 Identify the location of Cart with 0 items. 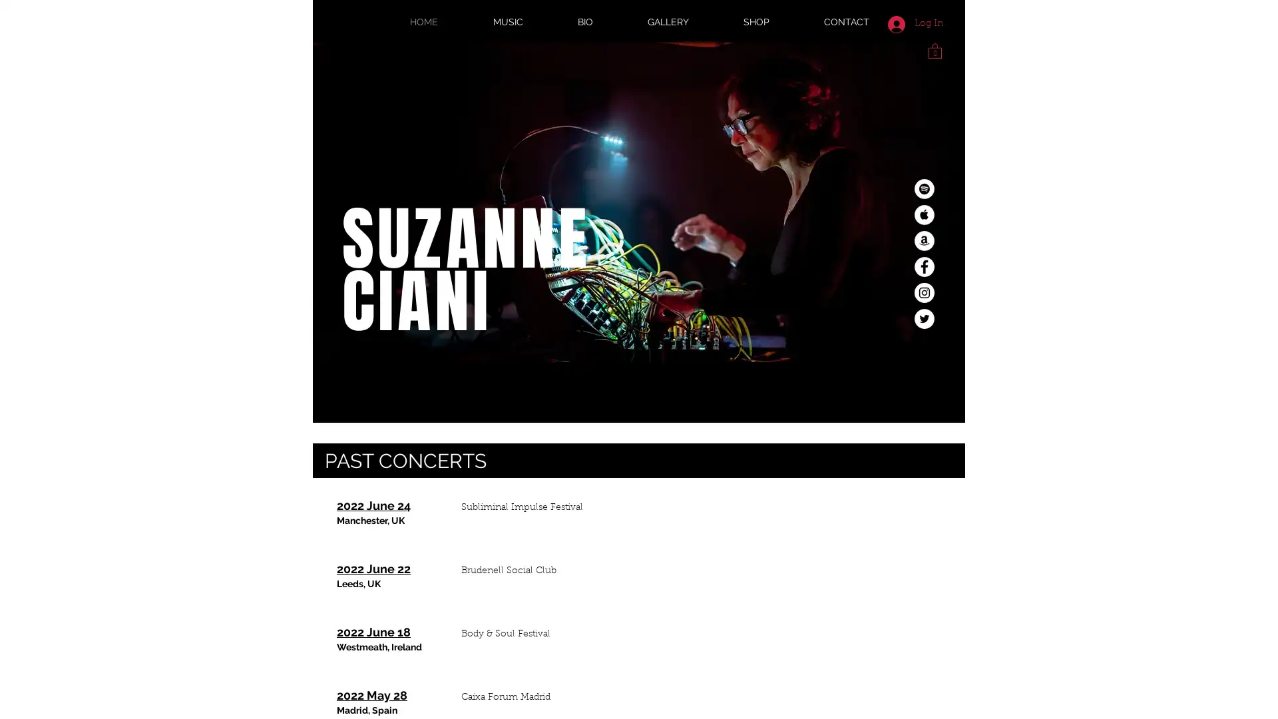
(935, 49).